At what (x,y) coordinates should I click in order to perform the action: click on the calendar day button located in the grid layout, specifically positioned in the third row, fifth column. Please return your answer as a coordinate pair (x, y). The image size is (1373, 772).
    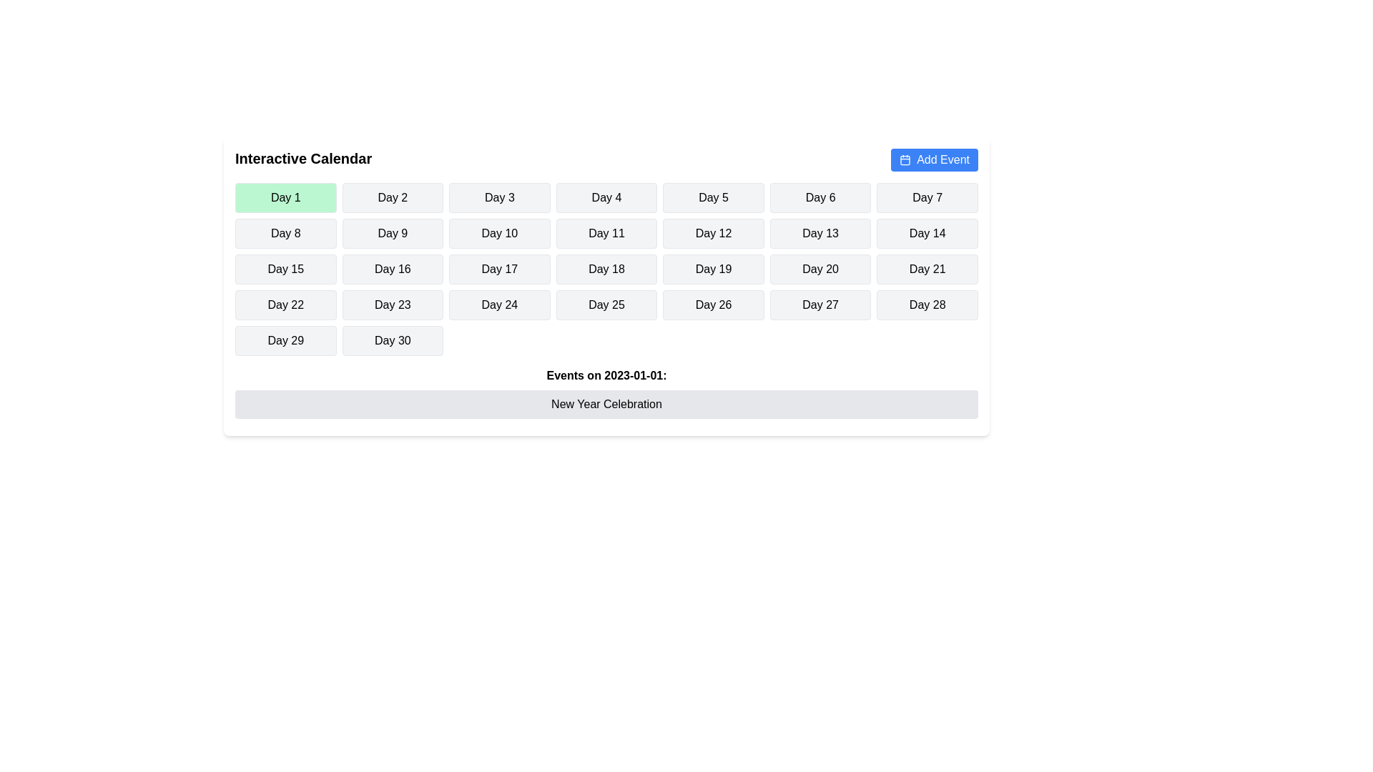
    Looking at the image, I should click on (714, 269).